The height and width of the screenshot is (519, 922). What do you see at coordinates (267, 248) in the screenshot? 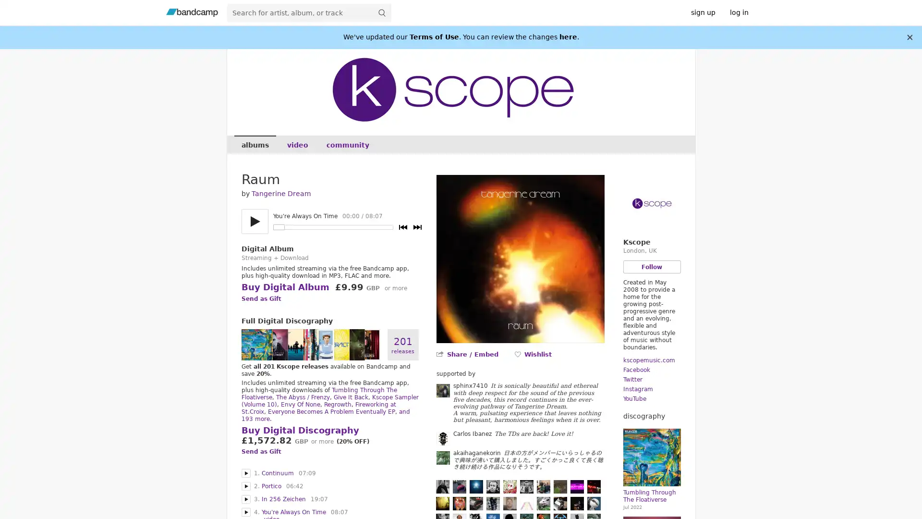
I see `Digital Album` at bounding box center [267, 248].